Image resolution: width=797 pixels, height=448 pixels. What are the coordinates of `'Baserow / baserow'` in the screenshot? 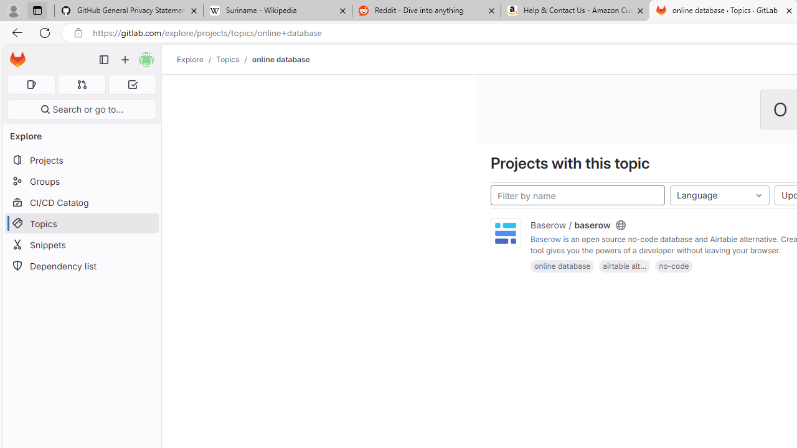 It's located at (570, 225).